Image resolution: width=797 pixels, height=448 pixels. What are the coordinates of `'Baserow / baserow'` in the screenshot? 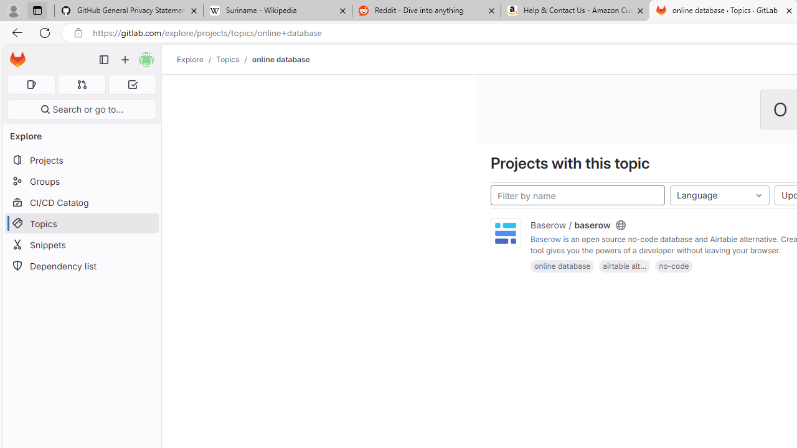 It's located at (570, 225).